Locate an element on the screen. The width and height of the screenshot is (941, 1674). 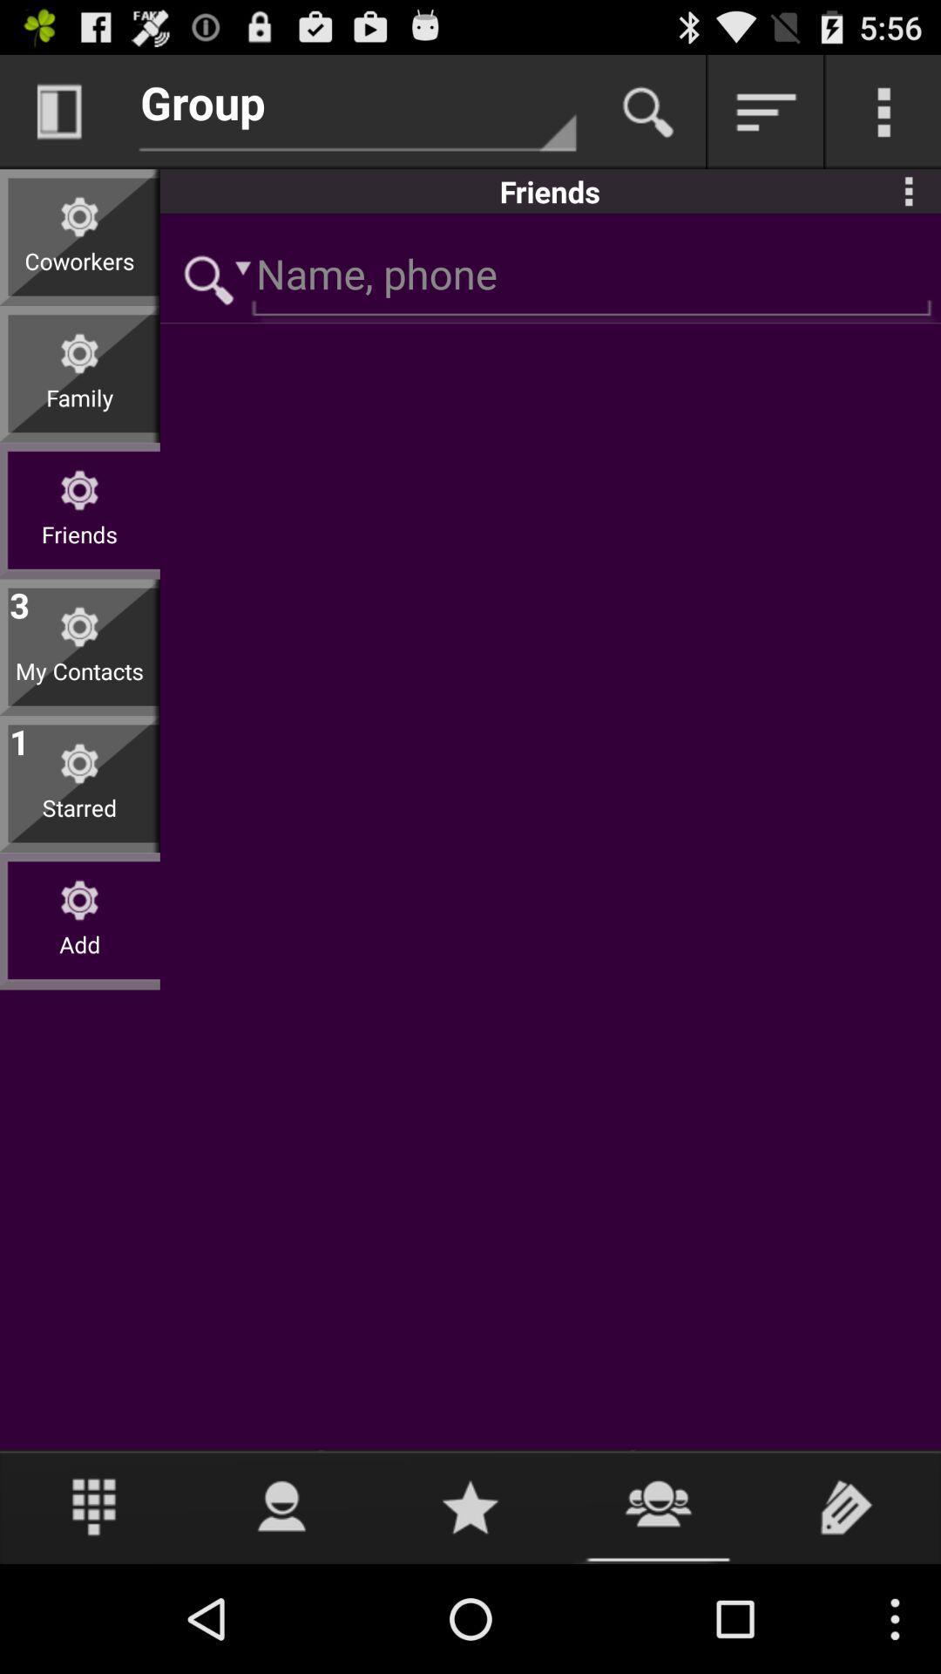
the more icon is located at coordinates (883, 119).